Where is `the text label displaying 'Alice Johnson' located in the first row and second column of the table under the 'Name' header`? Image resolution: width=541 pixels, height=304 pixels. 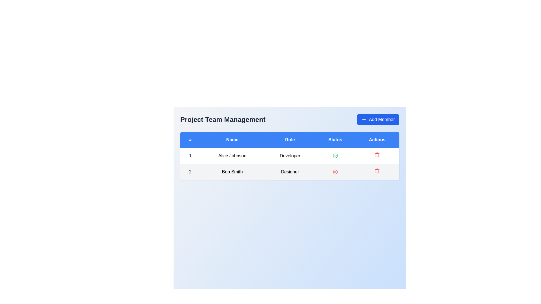
the text label displaying 'Alice Johnson' located in the first row and second column of the table under the 'Name' header is located at coordinates (232, 156).